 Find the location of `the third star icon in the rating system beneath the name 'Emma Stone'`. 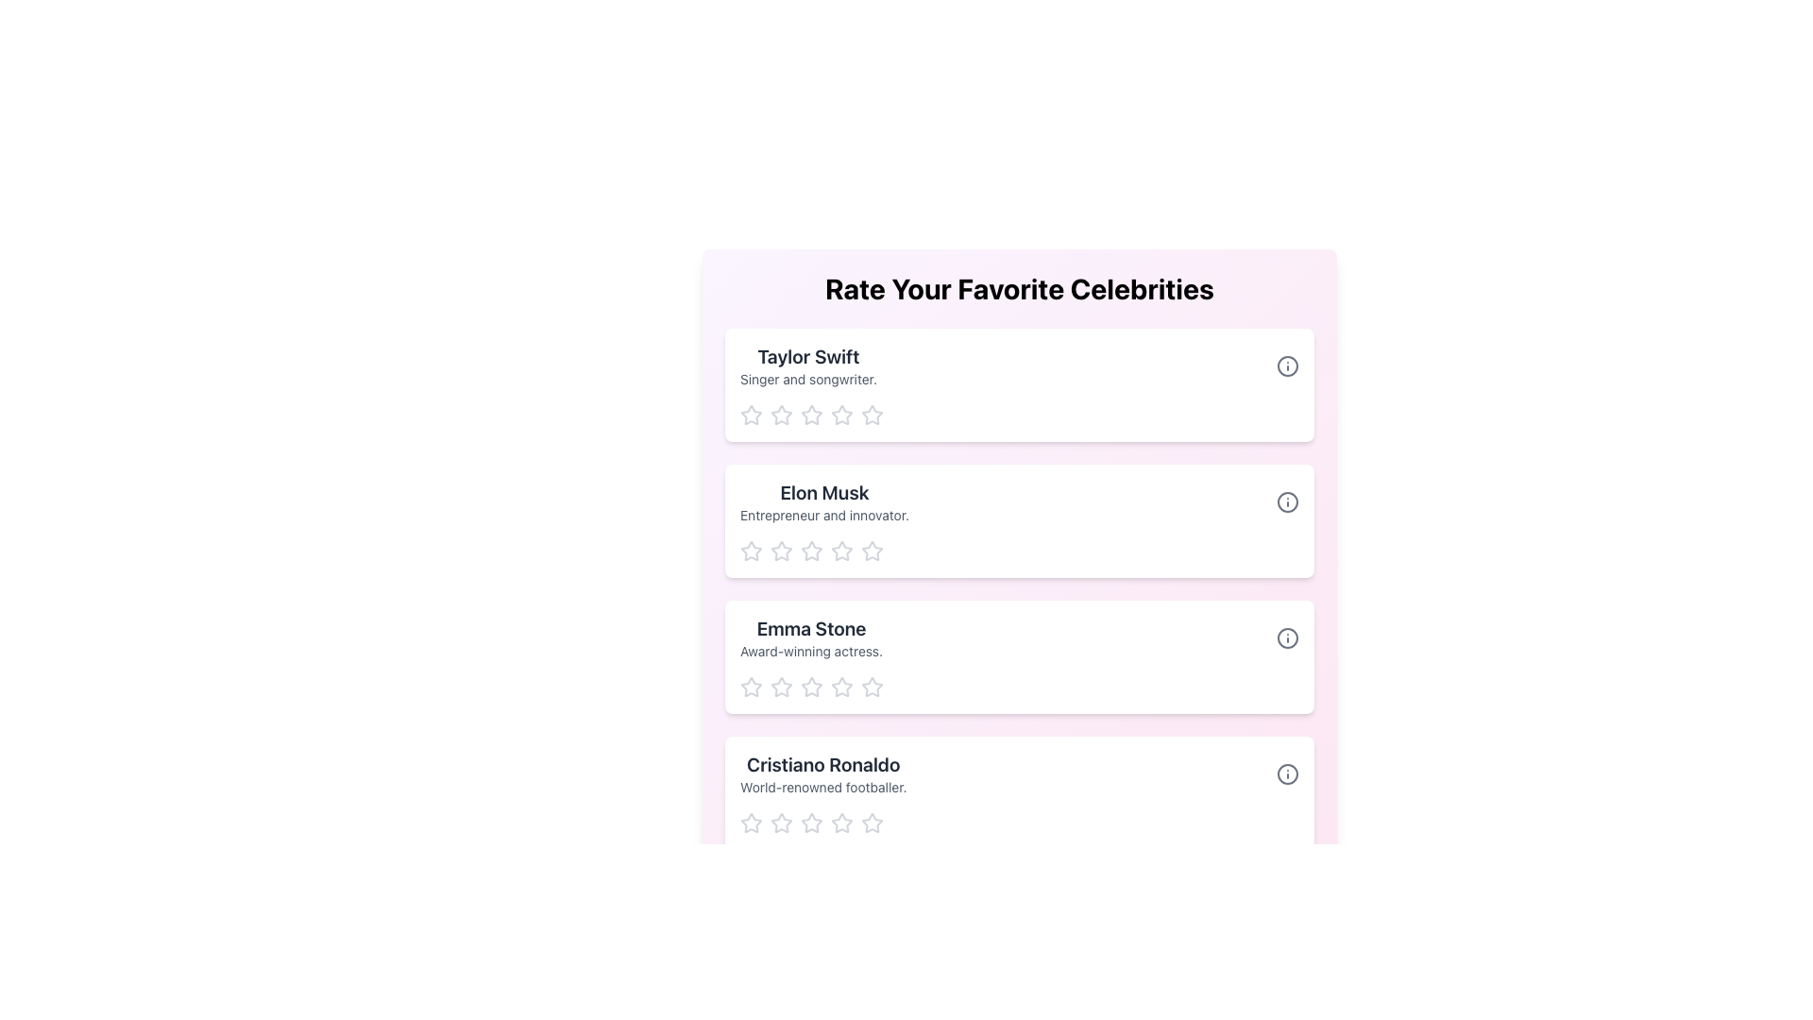

the third star icon in the rating system beneath the name 'Emma Stone' is located at coordinates (872, 687).